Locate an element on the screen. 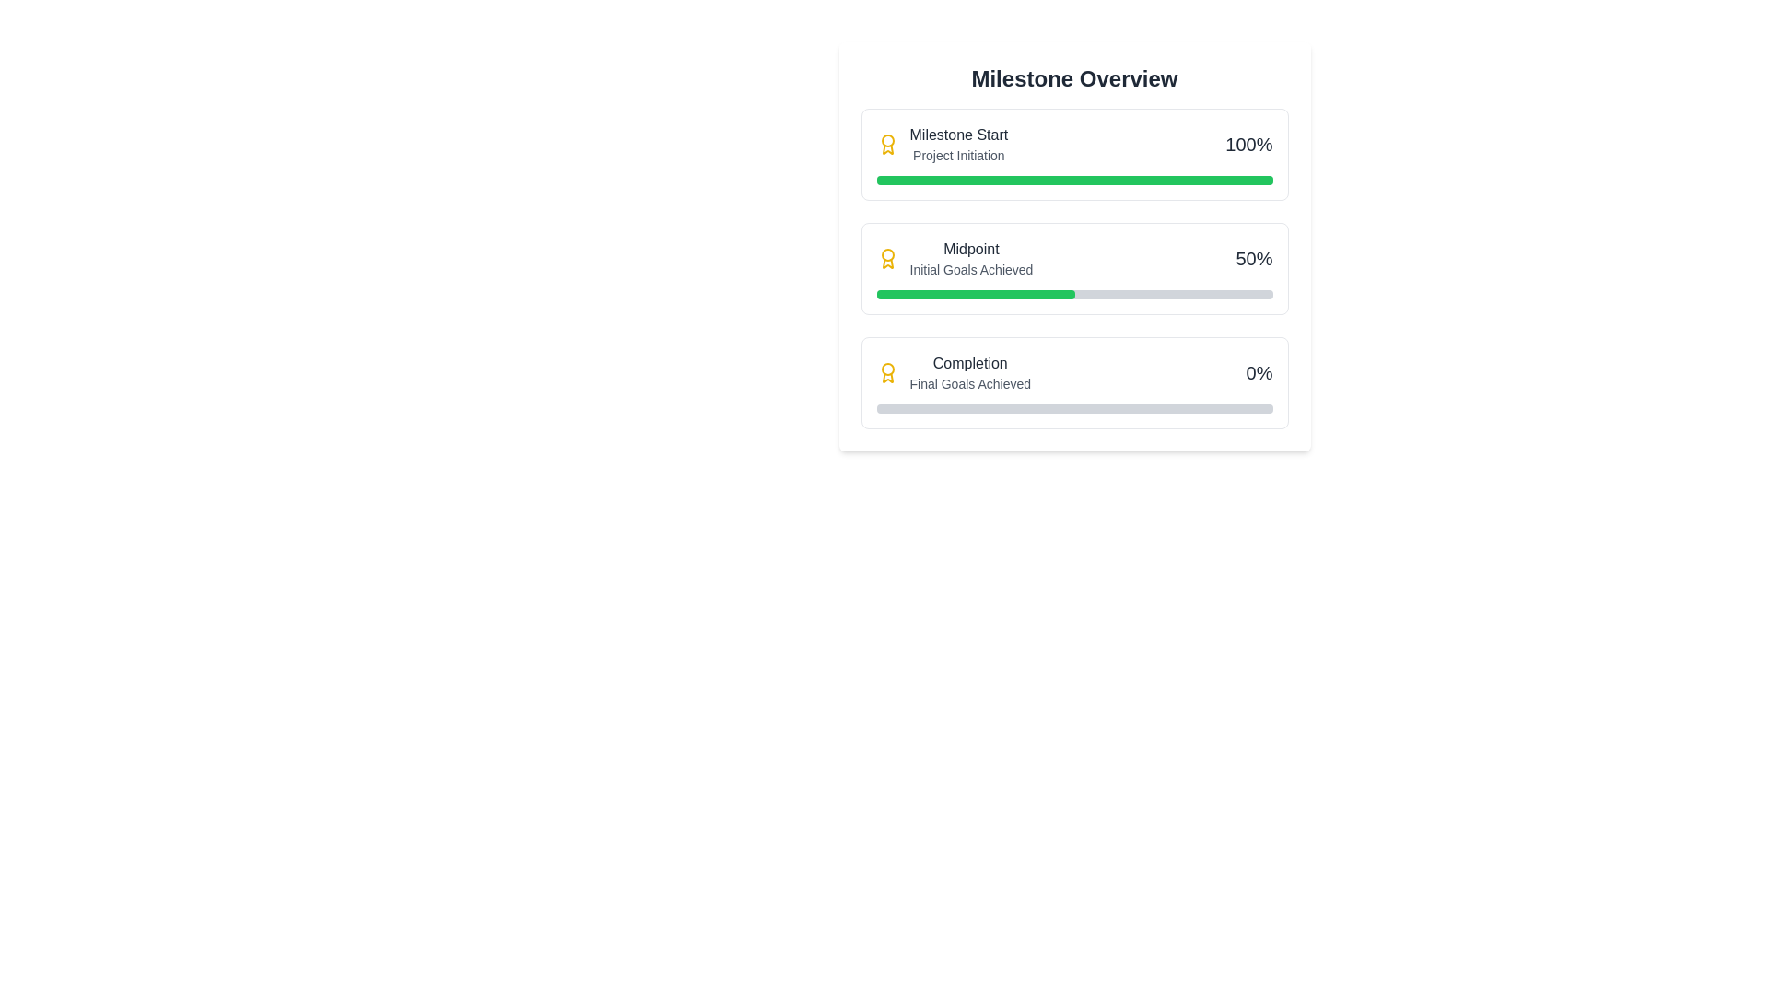 The image size is (1769, 995). the text label that denotes the title of the third milestone entry, located below 'Midpoint' and above 'Final Goals Achieved' in the milestone overview is located at coordinates (969, 363).